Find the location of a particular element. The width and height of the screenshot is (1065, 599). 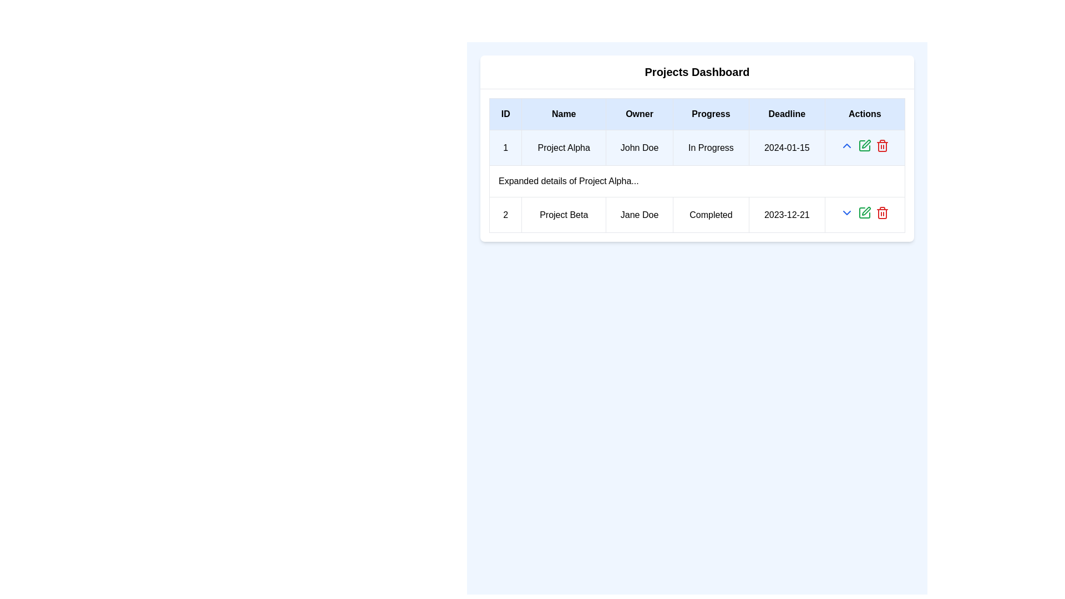

the 'Actions' text element, which is styled in bold black font on a light blue background and serves as a column header in a table layout, positioned between the 'Deadline' header and the edge of the table is located at coordinates (864, 114).